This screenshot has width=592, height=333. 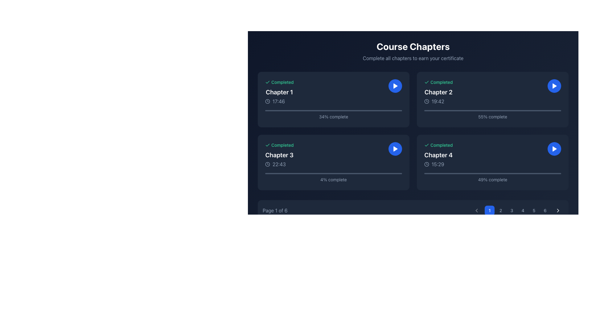 I want to click on the 'Next' icon located at the far-right of the pagination control bar, so click(x=558, y=210).